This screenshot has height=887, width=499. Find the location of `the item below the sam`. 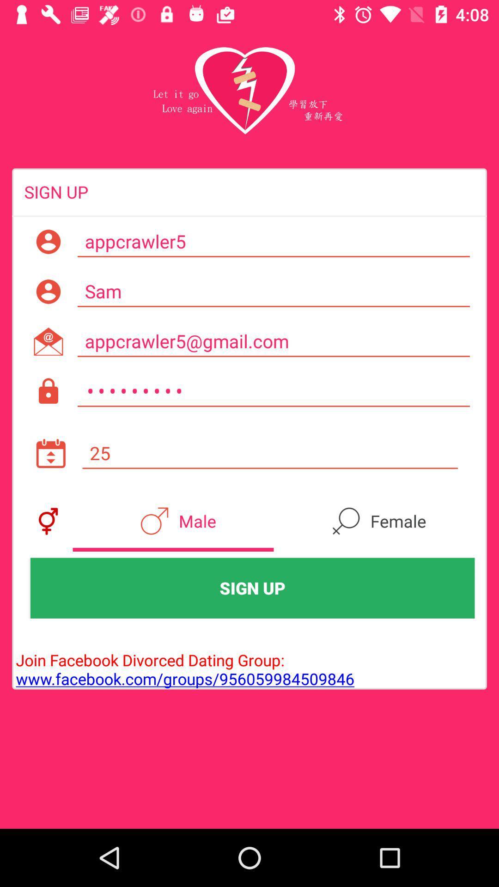

the item below the sam is located at coordinates (273, 341).